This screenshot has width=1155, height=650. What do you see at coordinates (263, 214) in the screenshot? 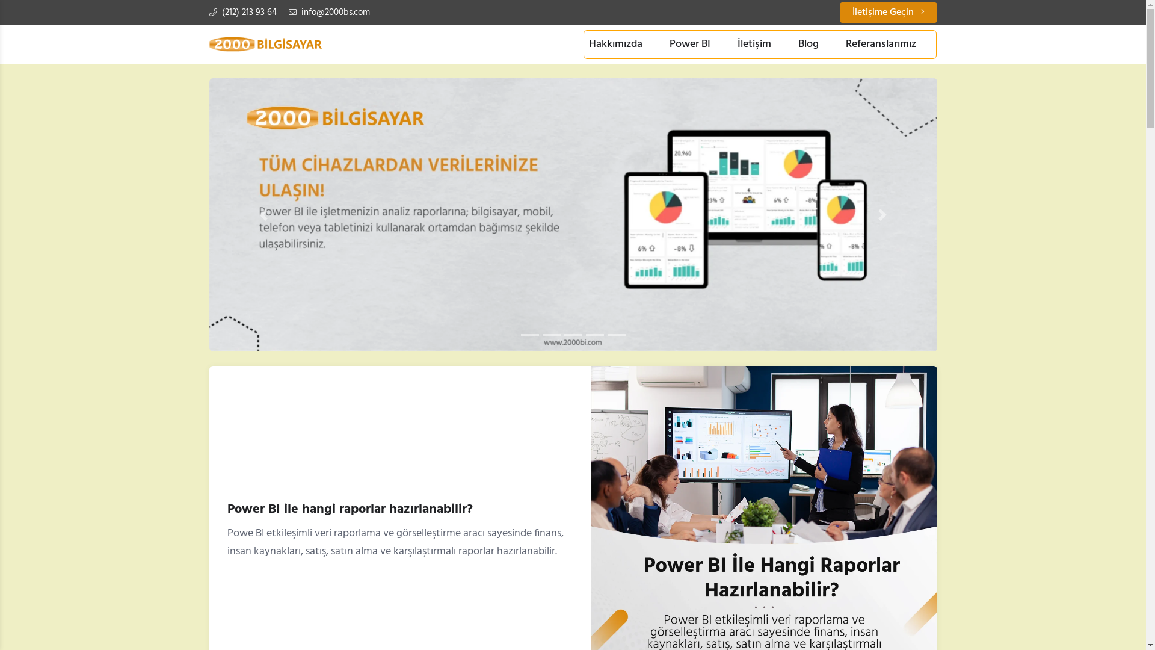
I see `'Previous'` at bounding box center [263, 214].